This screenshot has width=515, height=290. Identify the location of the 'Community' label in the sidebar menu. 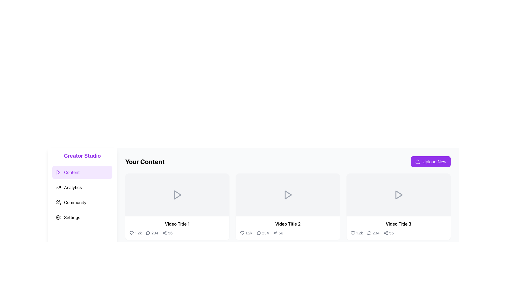
(75, 202).